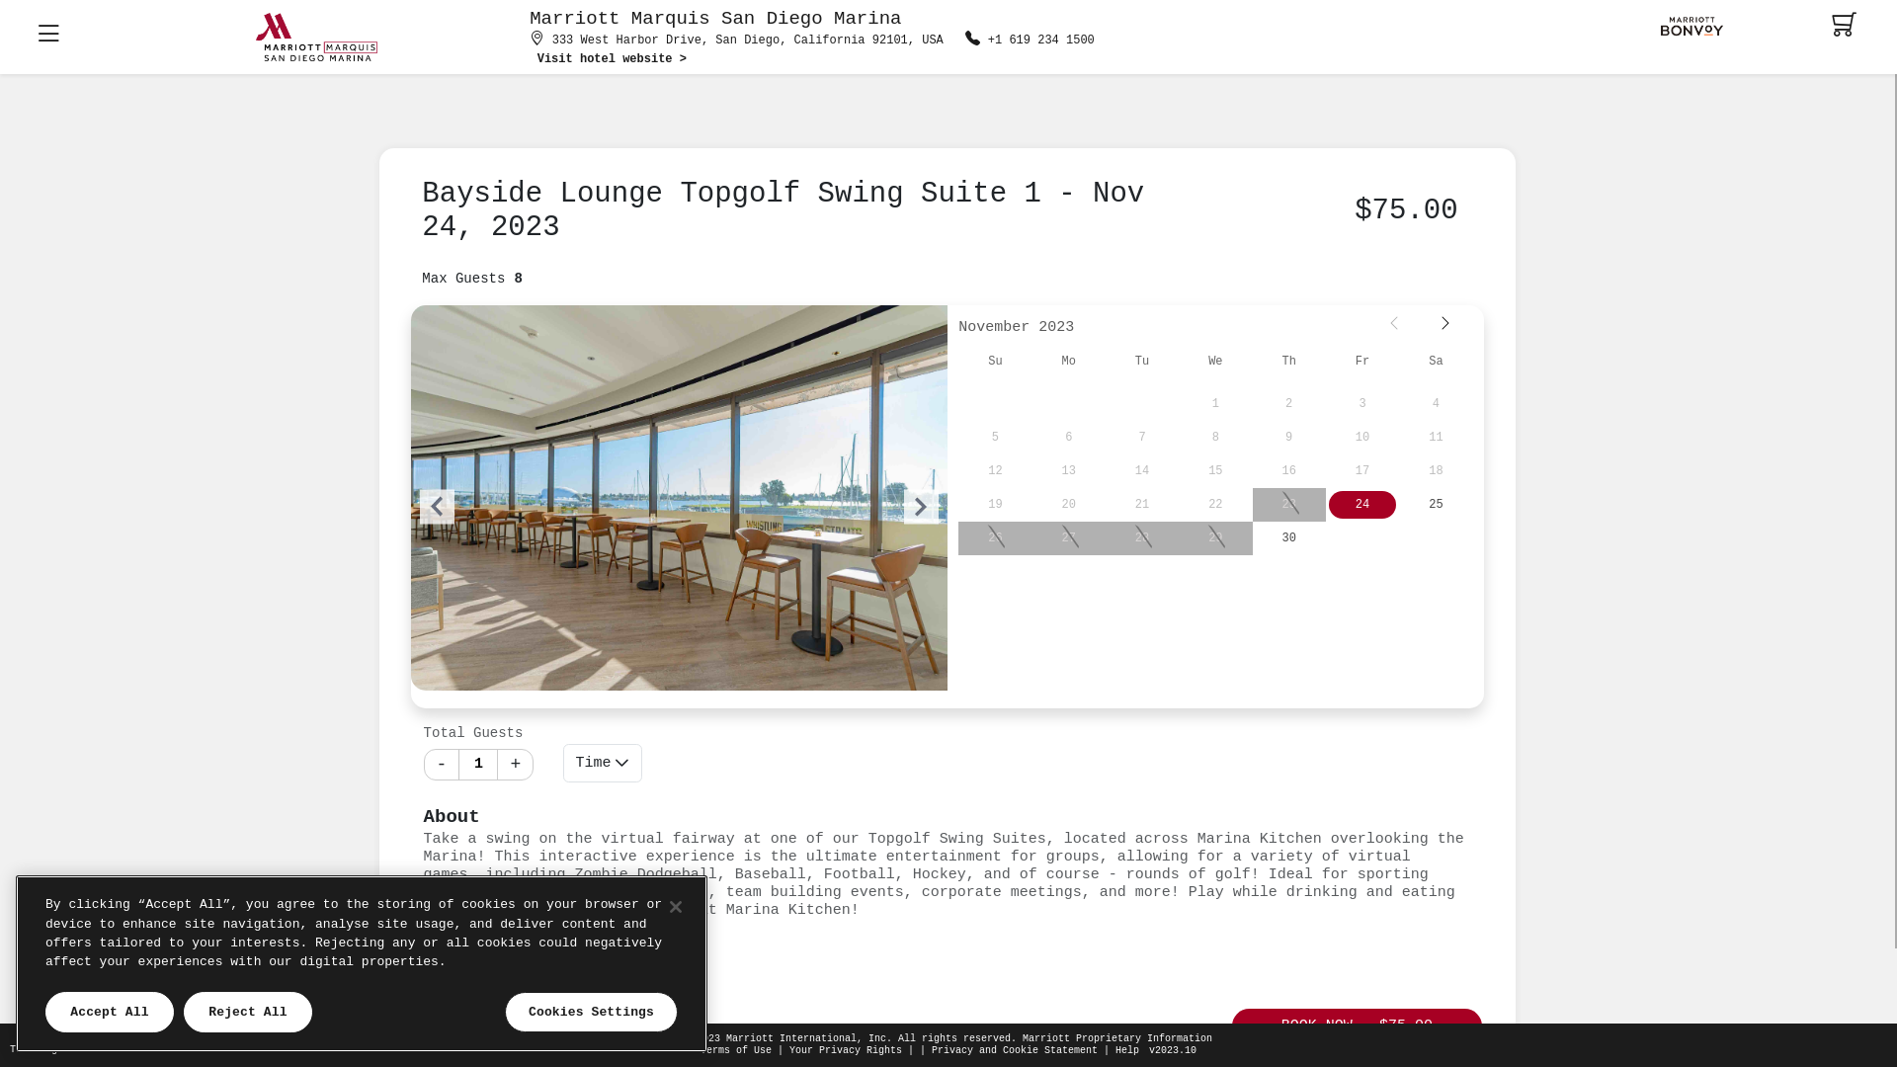 Image resolution: width=1897 pixels, height=1067 pixels. What do you see at coordinates (995, 537) in the screenshot?
I see `'26'` at bounding box center [995, 537].